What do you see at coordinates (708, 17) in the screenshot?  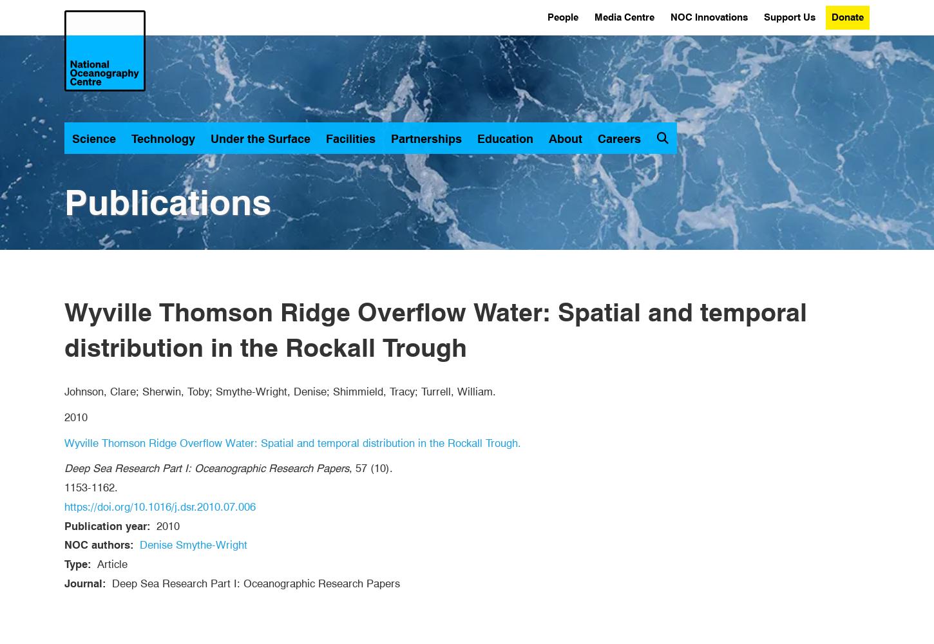 I see `'NOC Innovations'` at bounding box center [708, 17].